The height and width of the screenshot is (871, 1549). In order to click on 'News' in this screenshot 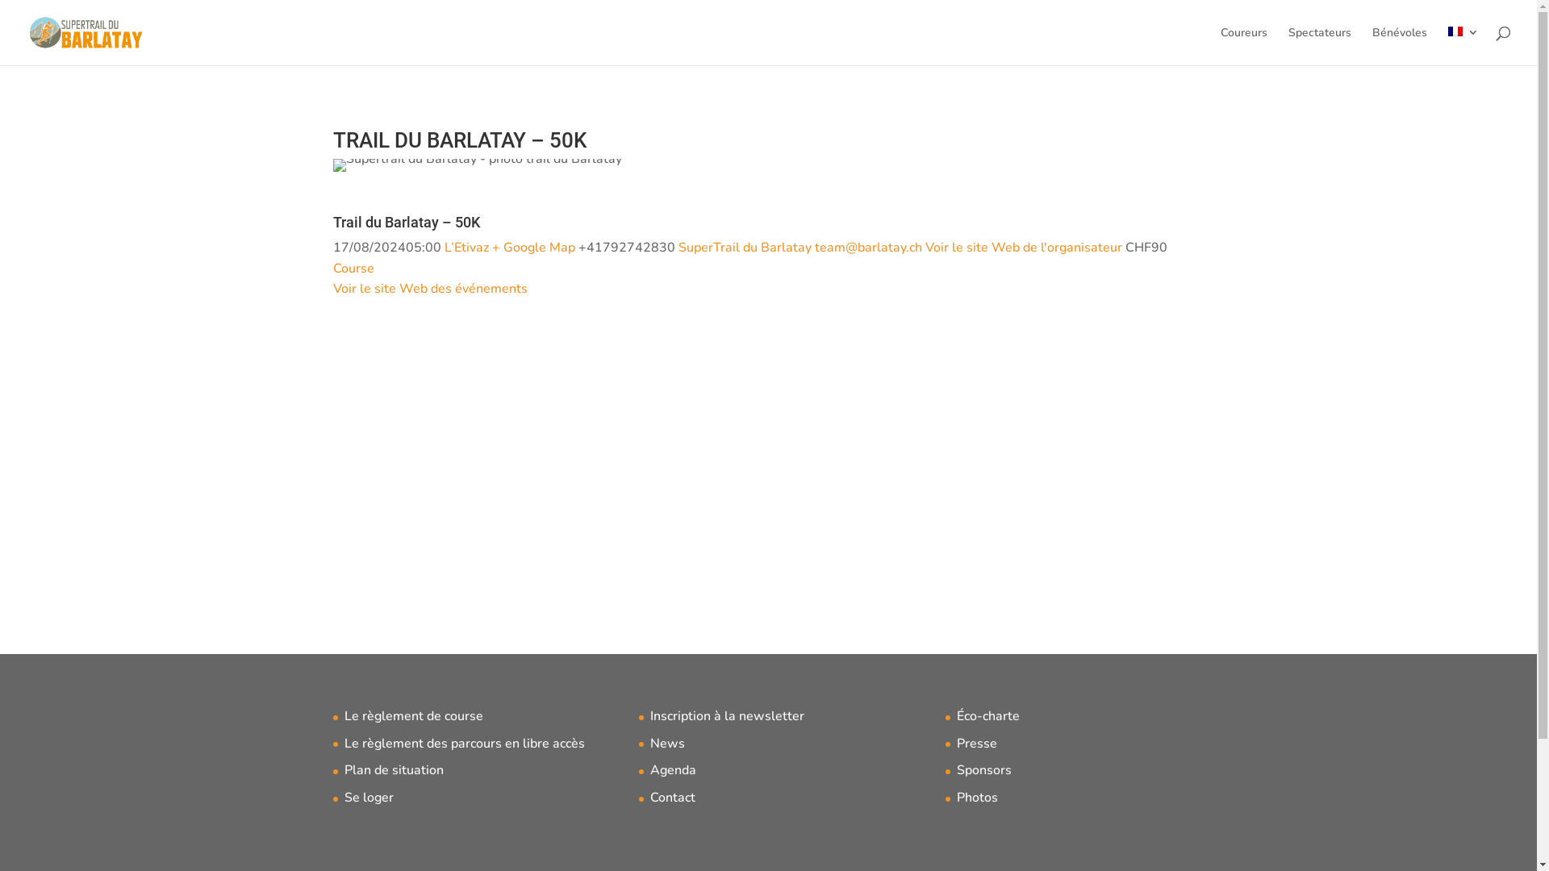, I will do `click(650, 743)`.